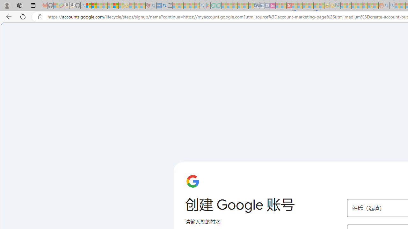 Image resolution: width=408 pixels, height=229 pixels. I want to click on 'Bluey: Let', so click(208, 5).